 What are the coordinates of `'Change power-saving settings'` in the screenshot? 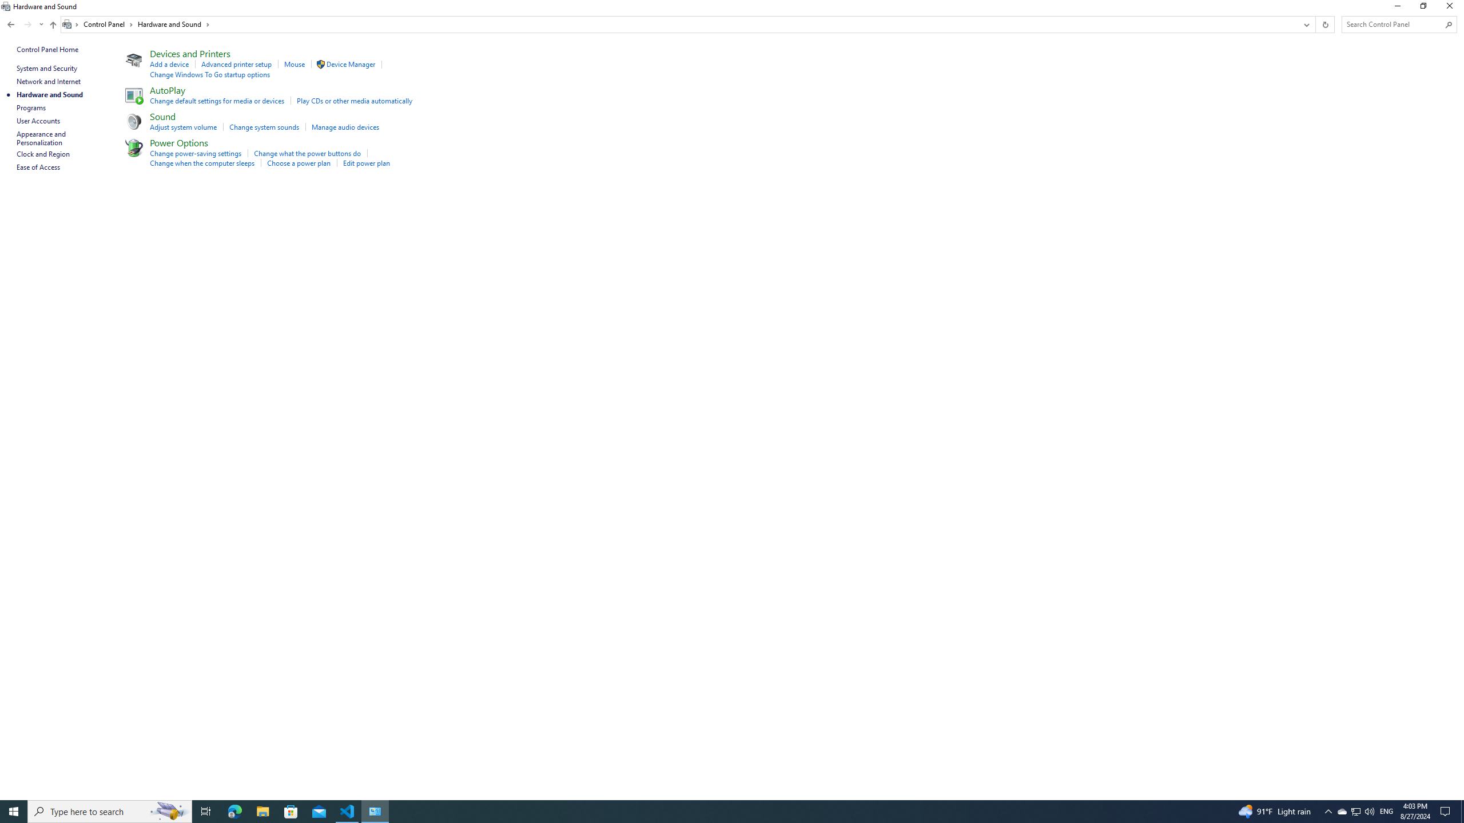 It's located at (196, 153).